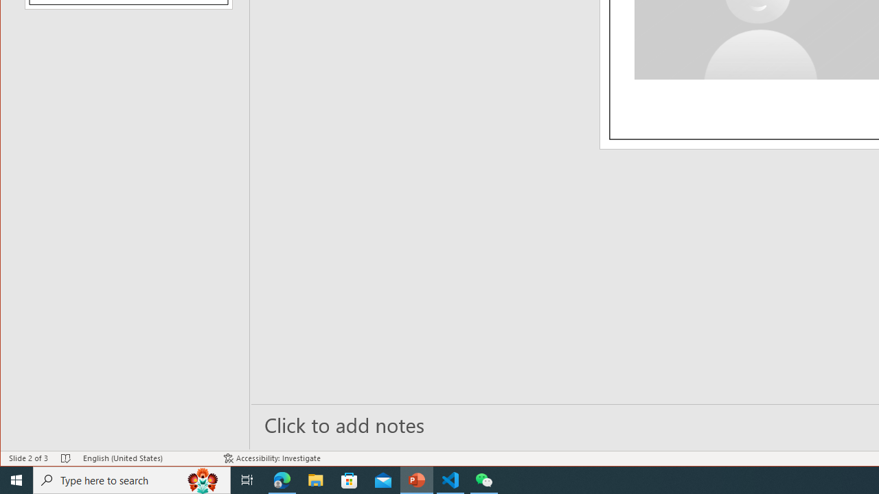  Describe the element at coordinates (282, 479) in the screenshot. I see `'Microsoft Edge - 1 running window'` at that location.